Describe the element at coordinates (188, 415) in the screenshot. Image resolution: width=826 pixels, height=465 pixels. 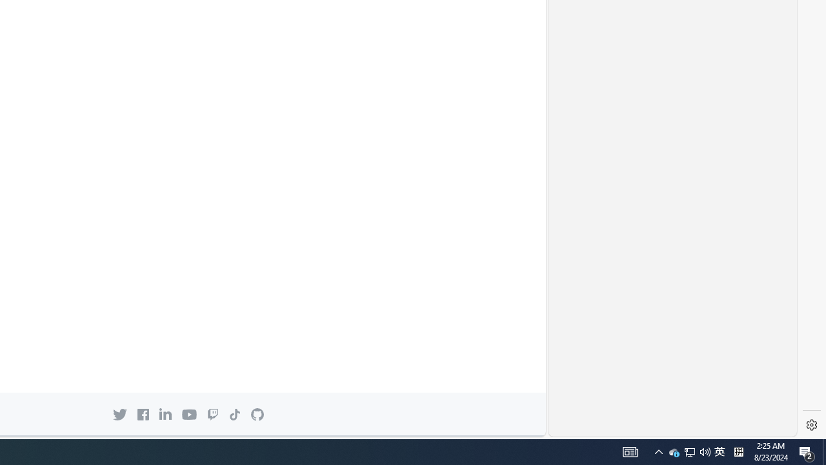
I see `'GitHub on YouTube'` at that location.